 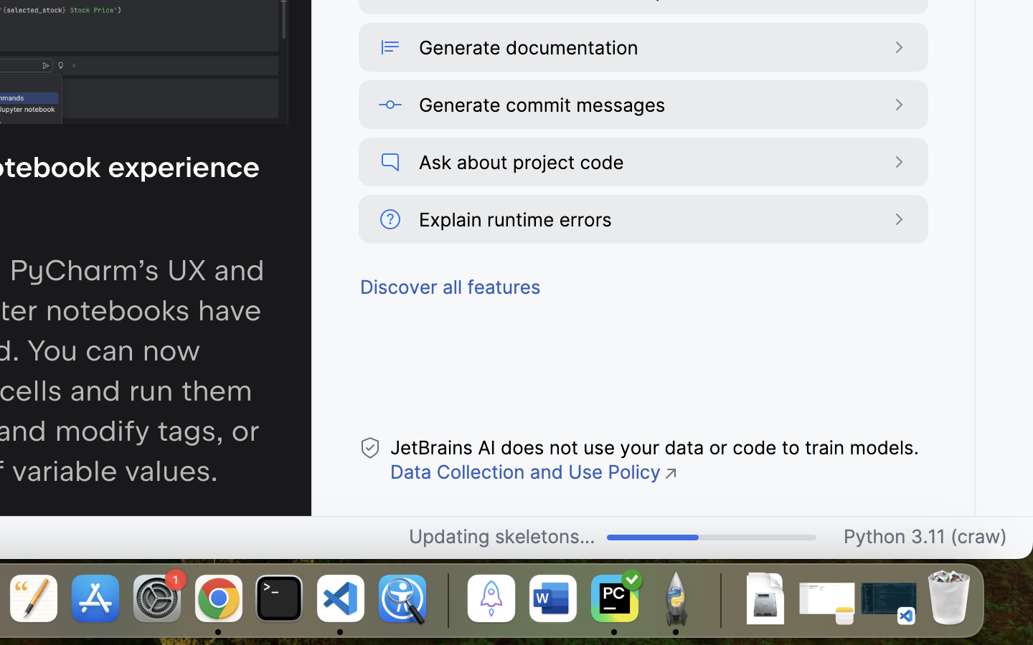 I want to click on 'JetBrains AI does not use your data or code to train models. Data Collection and Use Policy', so click(x=654, y=459).